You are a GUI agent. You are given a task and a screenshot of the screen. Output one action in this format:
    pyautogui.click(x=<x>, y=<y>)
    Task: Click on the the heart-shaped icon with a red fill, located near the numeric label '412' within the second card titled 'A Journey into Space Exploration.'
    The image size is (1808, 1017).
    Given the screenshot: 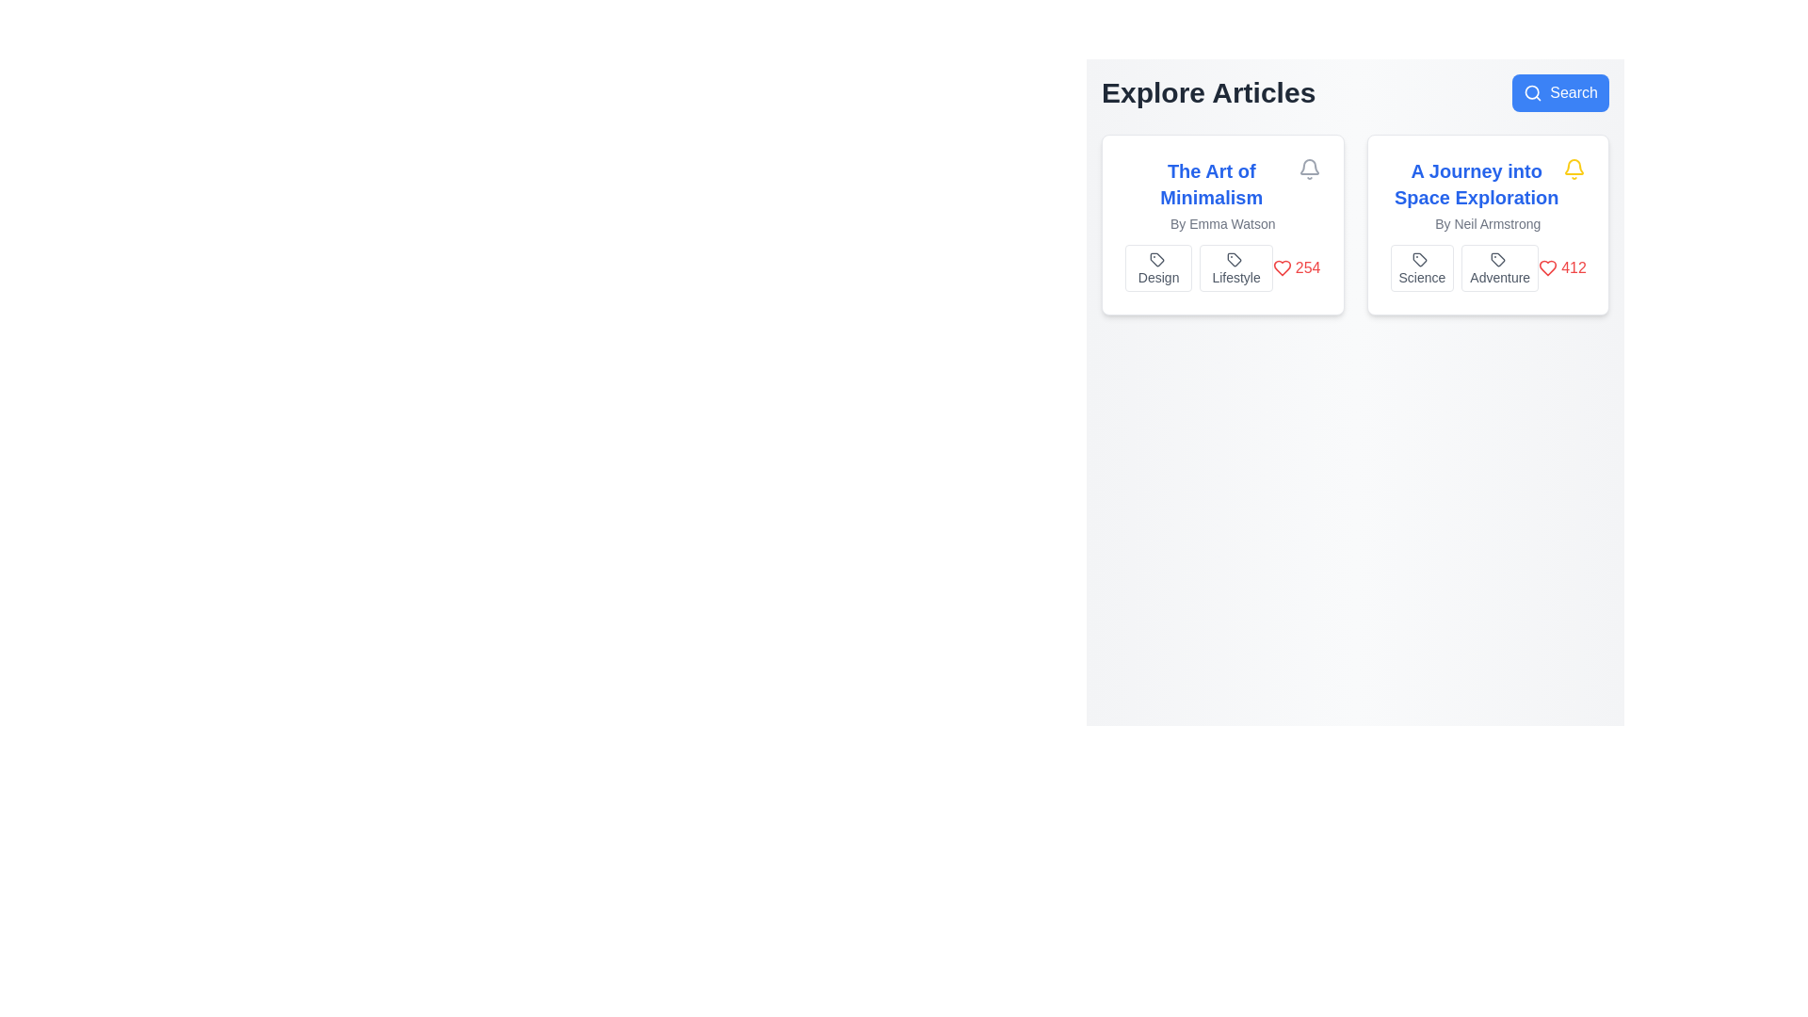 What is the action you would take?
    pyautogui.click(x=1548, y=268)
    